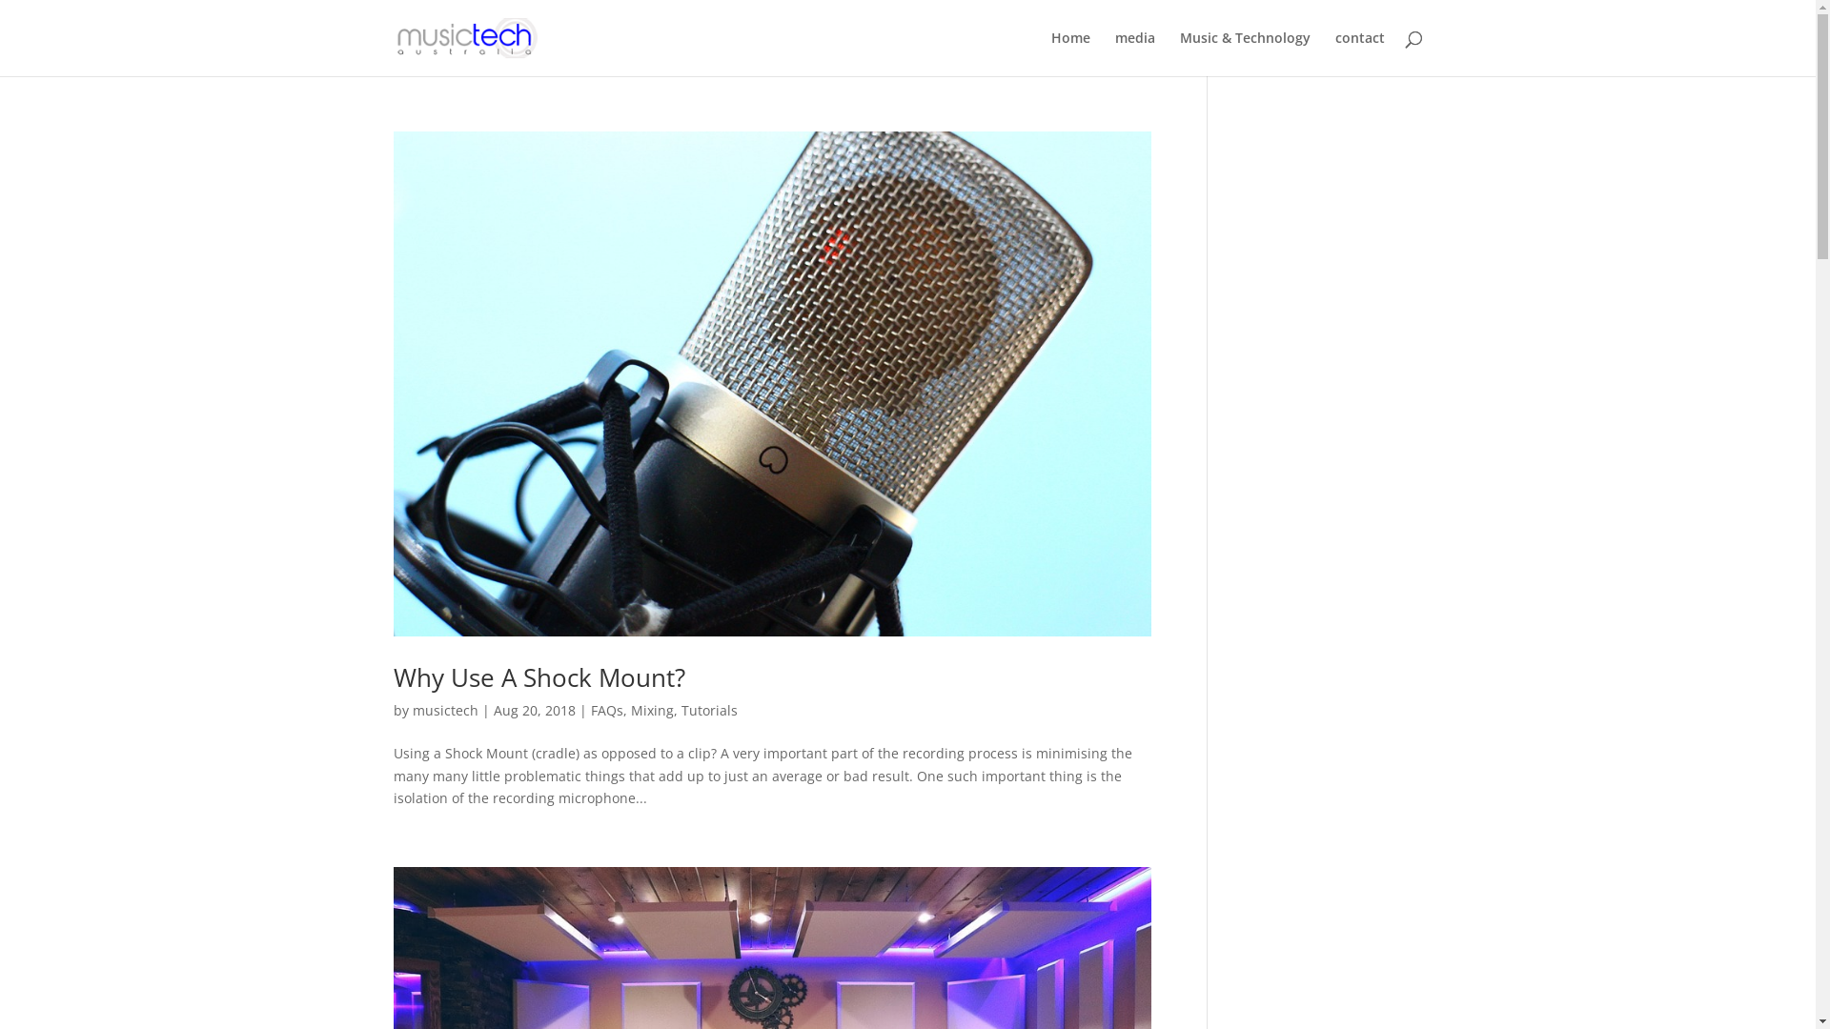  Describe the element at coordinates (1357, 52) in the screenshot. I see `'contact'` at that location.